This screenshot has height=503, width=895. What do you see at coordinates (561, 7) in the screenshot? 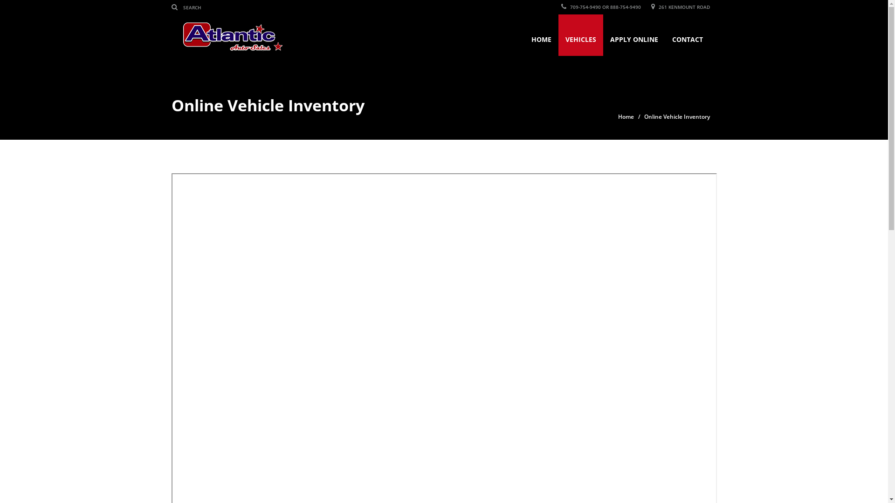
I see `'709-754-9490 OR 888-754-9490'` at bounding box center [561, 7].